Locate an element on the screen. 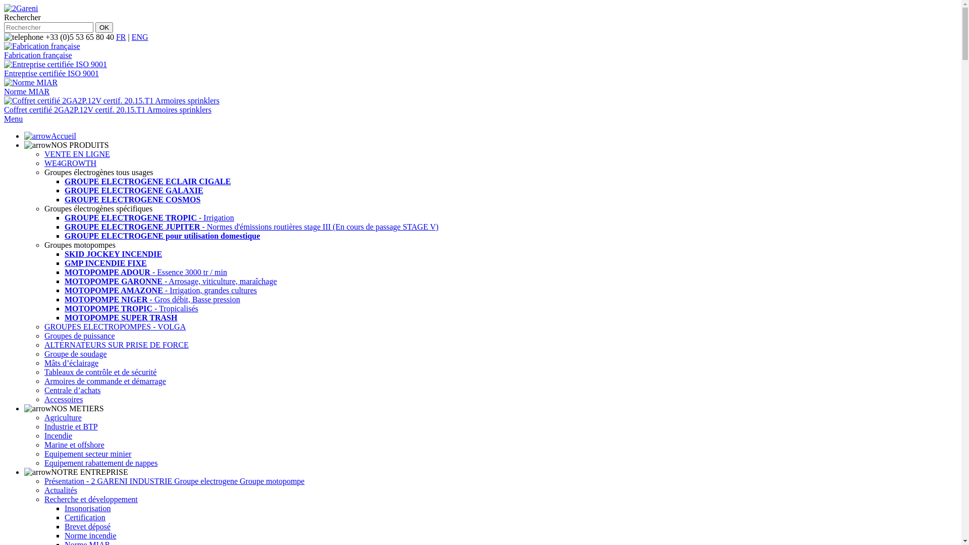 The height and width of the screenshot is (545, 969). 'Agriculture' is located at coordinates (62, 417).